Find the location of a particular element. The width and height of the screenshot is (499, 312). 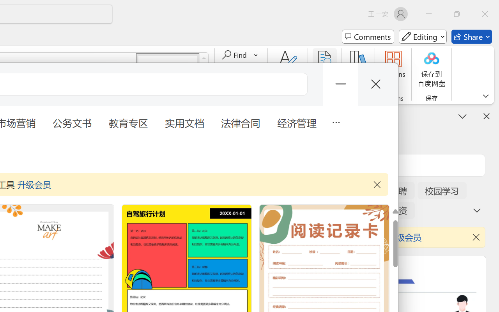

'Restore Down' is located at coordinates (457, 14).